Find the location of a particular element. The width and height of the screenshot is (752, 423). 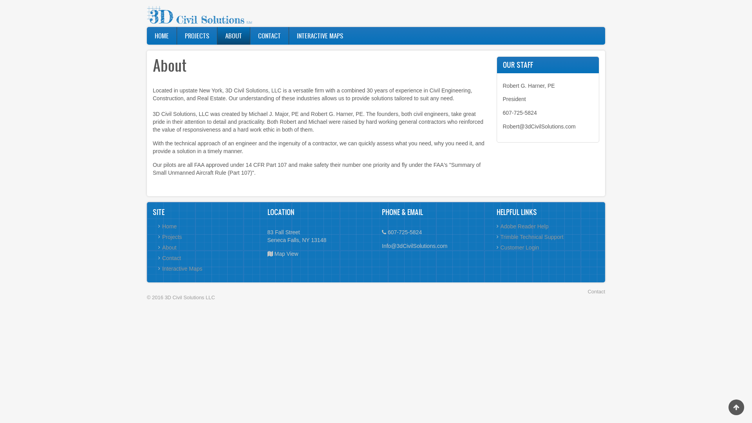

'Map View' is located at coordinates (286, 254).